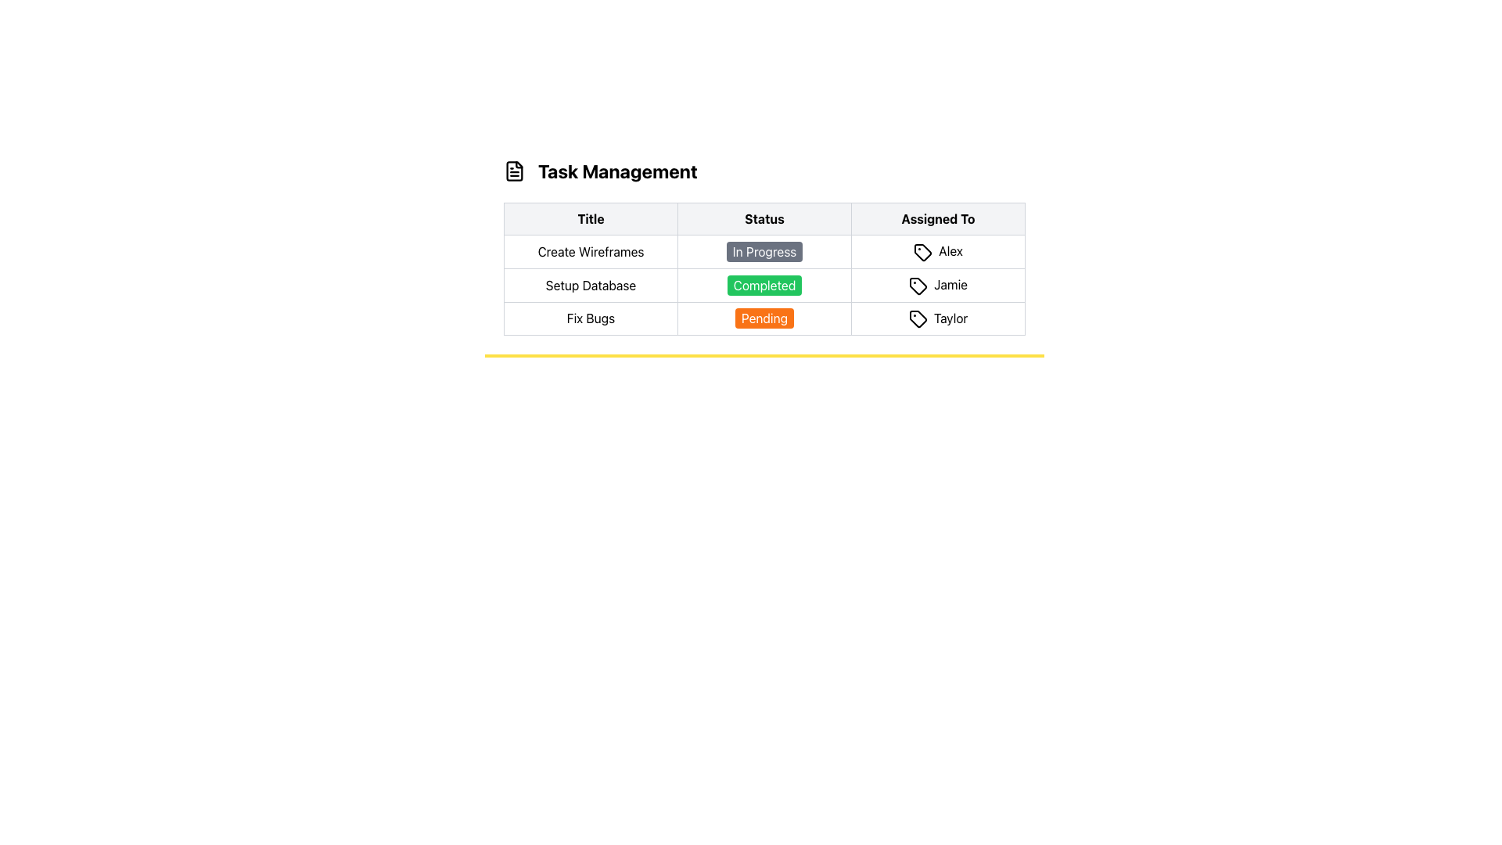 The height and width of the screenshot is (845, 1502). I want to click on text displayed in the 'Title' column for the task 'Setup Database', which is the first element in its row, so click(590, 285).